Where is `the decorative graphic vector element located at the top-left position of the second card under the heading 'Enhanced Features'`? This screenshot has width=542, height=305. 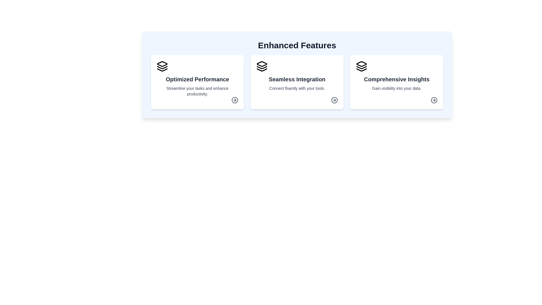
the decorative graphic vector element located at the top-left position of the second card under the heading 'Enhanced Features' is located at coordinates (362, 64).